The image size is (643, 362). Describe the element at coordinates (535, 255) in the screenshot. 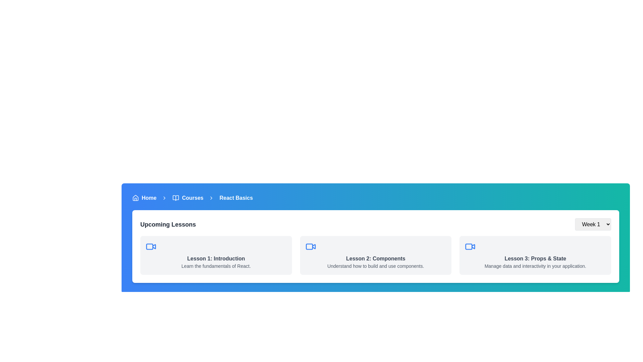

I see `the lesson card displaying 'Lesson 3: Props & State' with a video icon, which is the third card in a grid layout` at that location.